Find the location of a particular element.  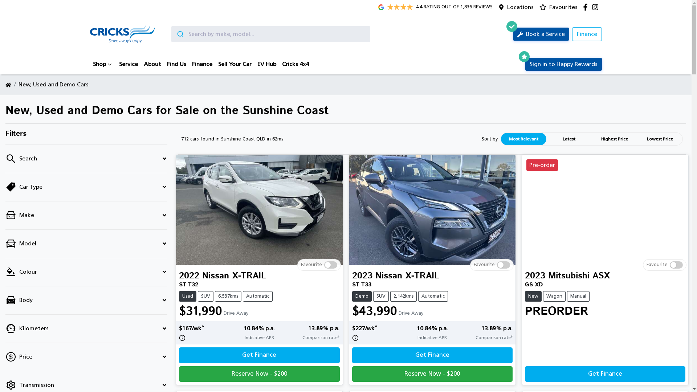

'Make' is located at coordinates (86, 215).